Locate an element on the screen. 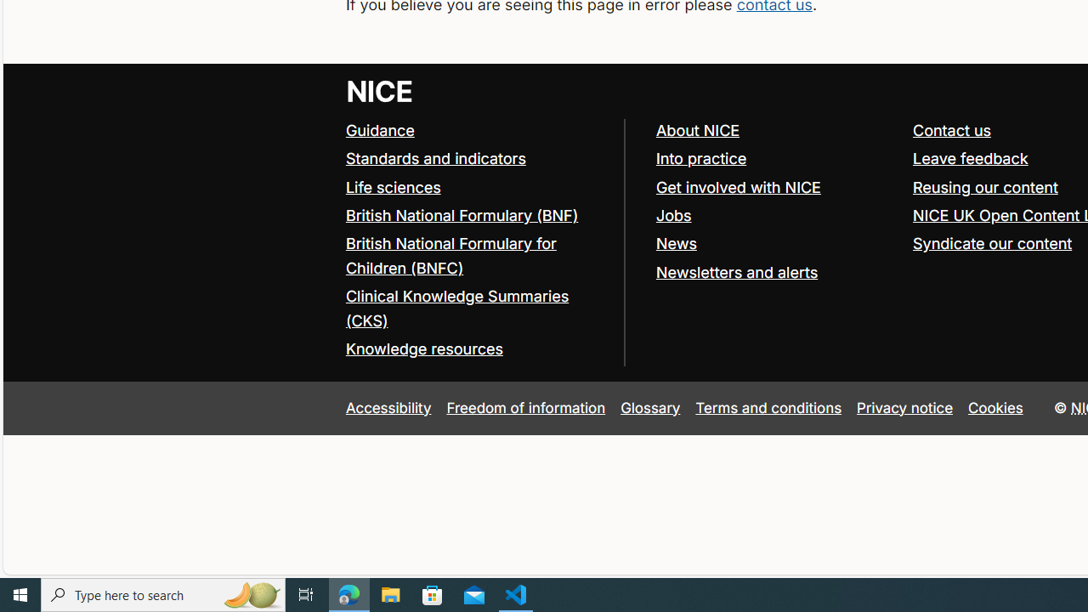 The width and height of the screenshot is (1088, 612). 'Life sciences' is located at coordinates (392, 186).